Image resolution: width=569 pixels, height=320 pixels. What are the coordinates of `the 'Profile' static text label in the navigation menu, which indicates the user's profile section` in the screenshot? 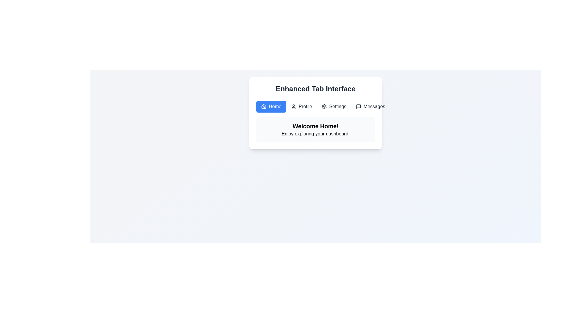 It's located at (305, 106).